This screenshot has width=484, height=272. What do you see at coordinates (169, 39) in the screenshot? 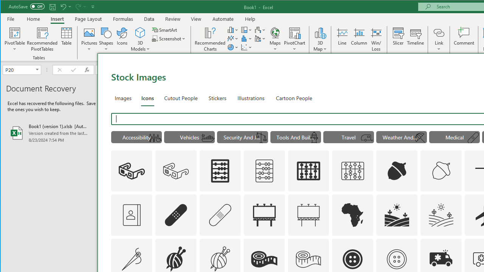
I see `'Screenshot'` at bounding box center [169, 39].